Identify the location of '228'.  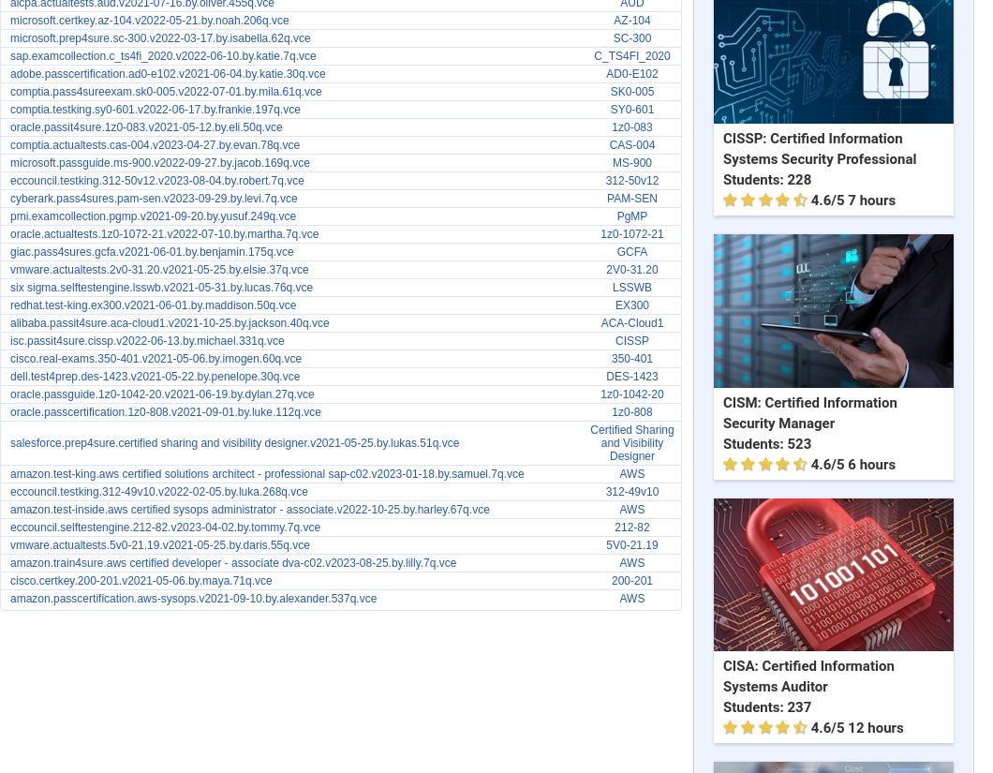
(798, 178).